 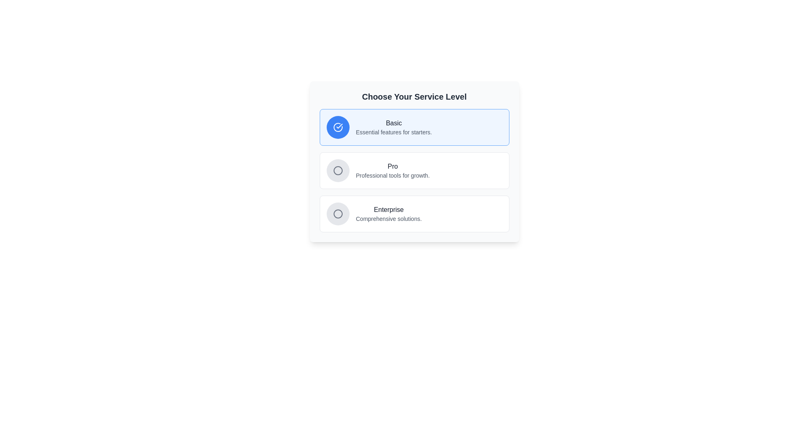 What do you see at coordinates (338, 127) in the screenshot?
I see `the circular segment of the vector graphic icon located to the left of the 'Basic' option in the 'Choose Your Service Level' section` at bounding box center [338, 127].